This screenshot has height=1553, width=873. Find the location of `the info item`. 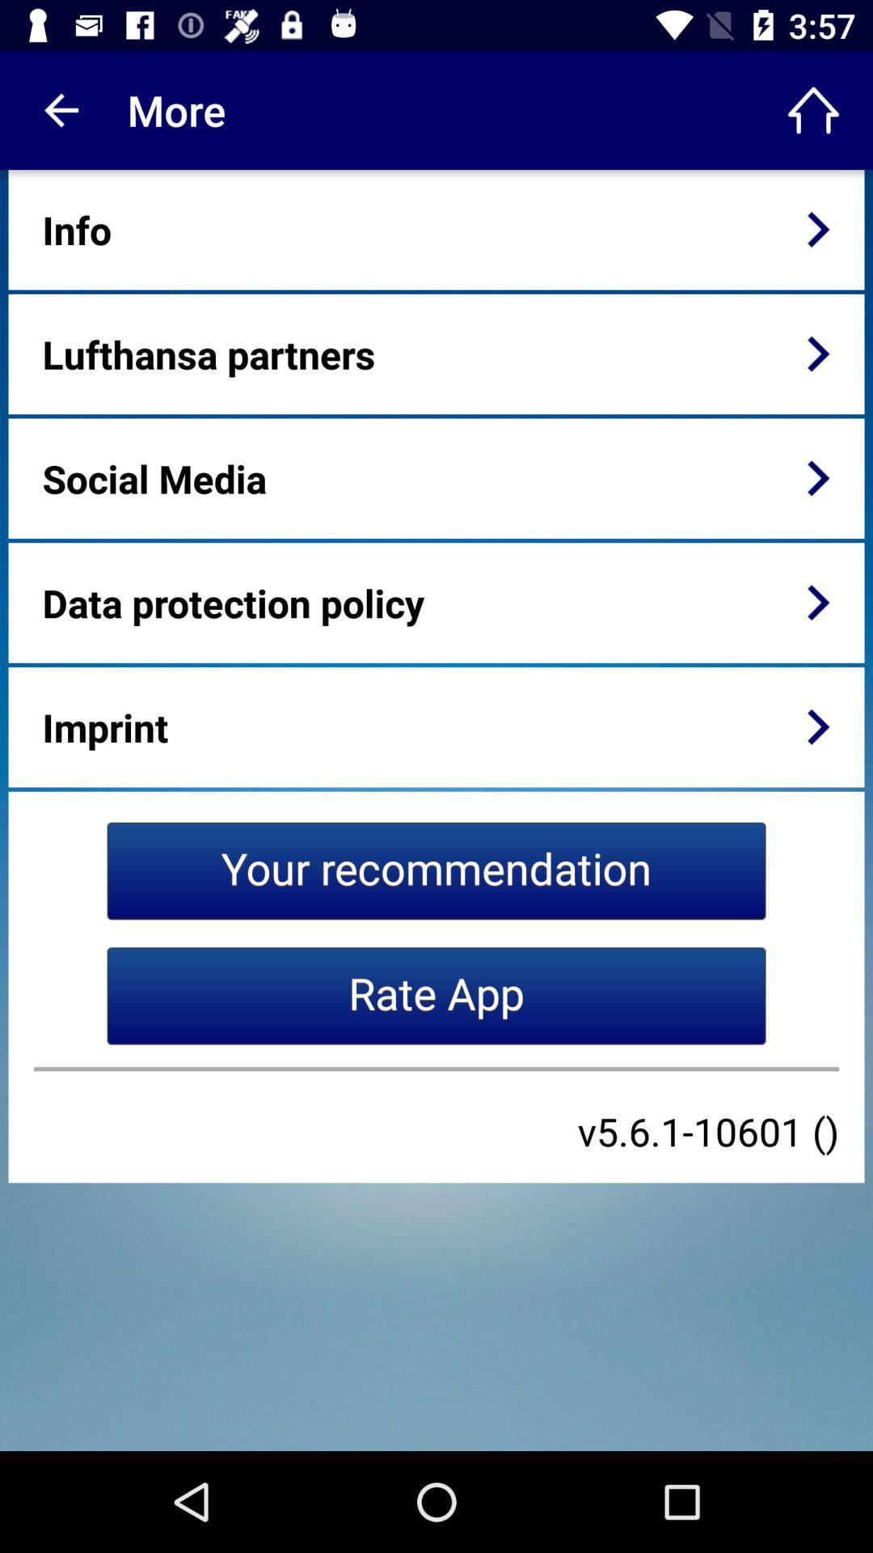

the info item is located at coordinates (77, 229).